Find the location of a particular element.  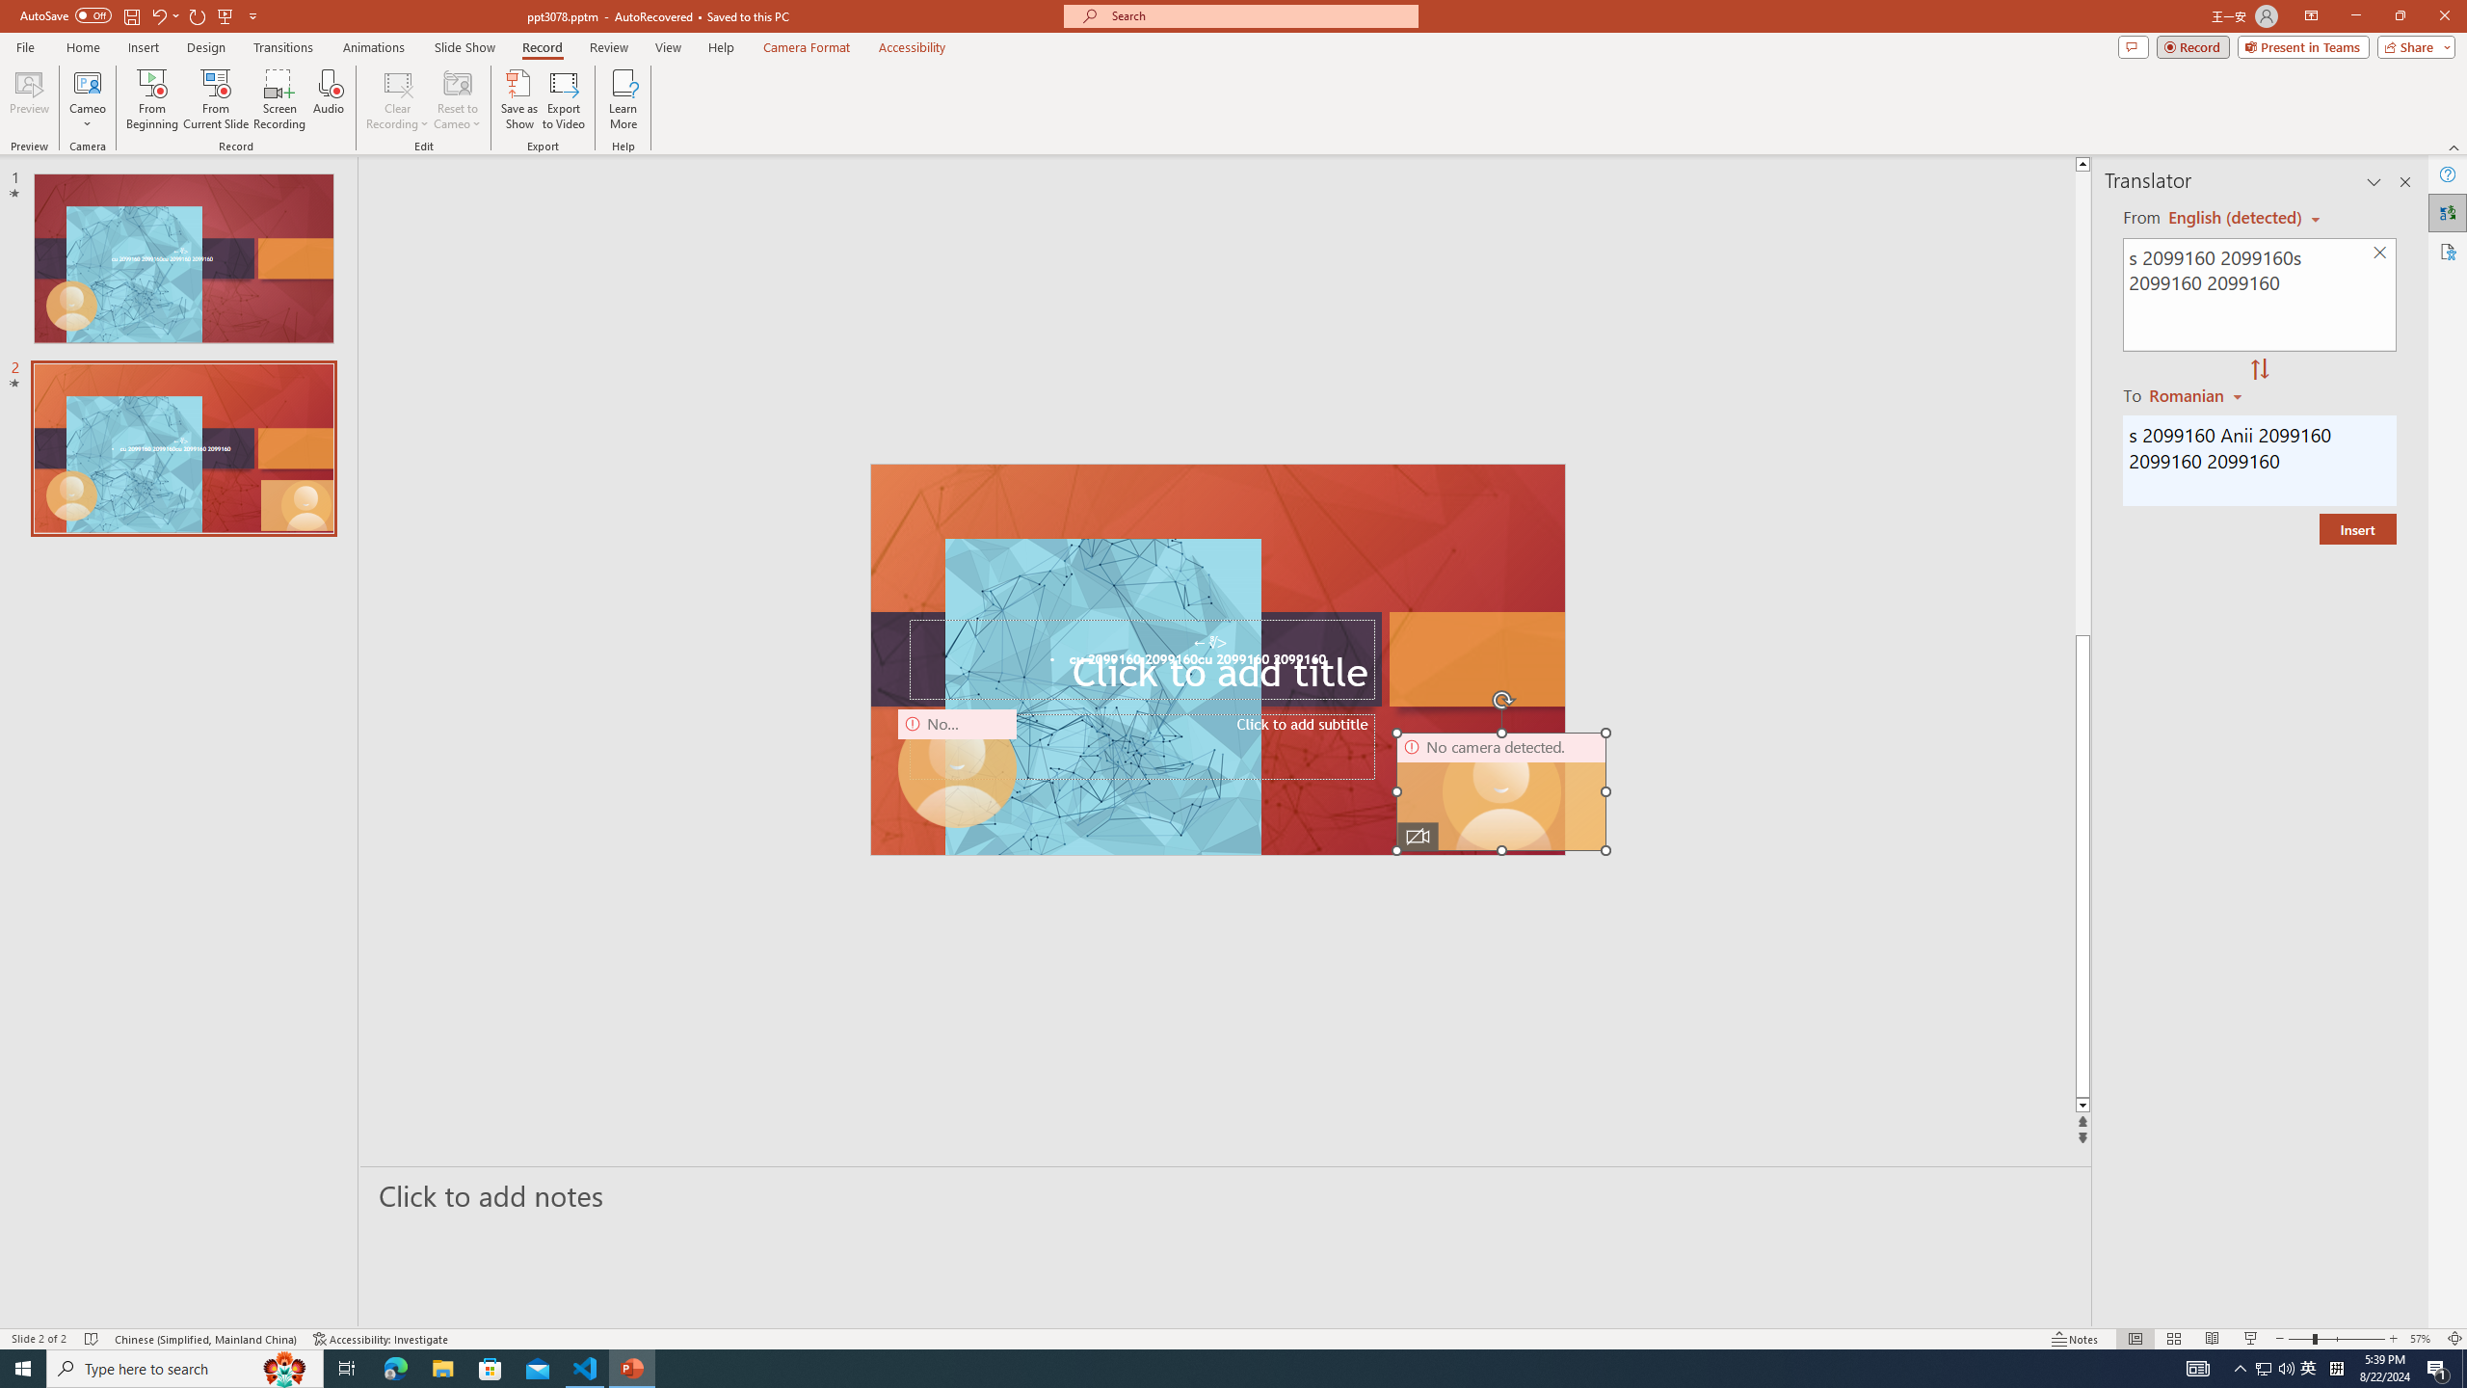

'Transitions' is located at coordinates (282, 47).